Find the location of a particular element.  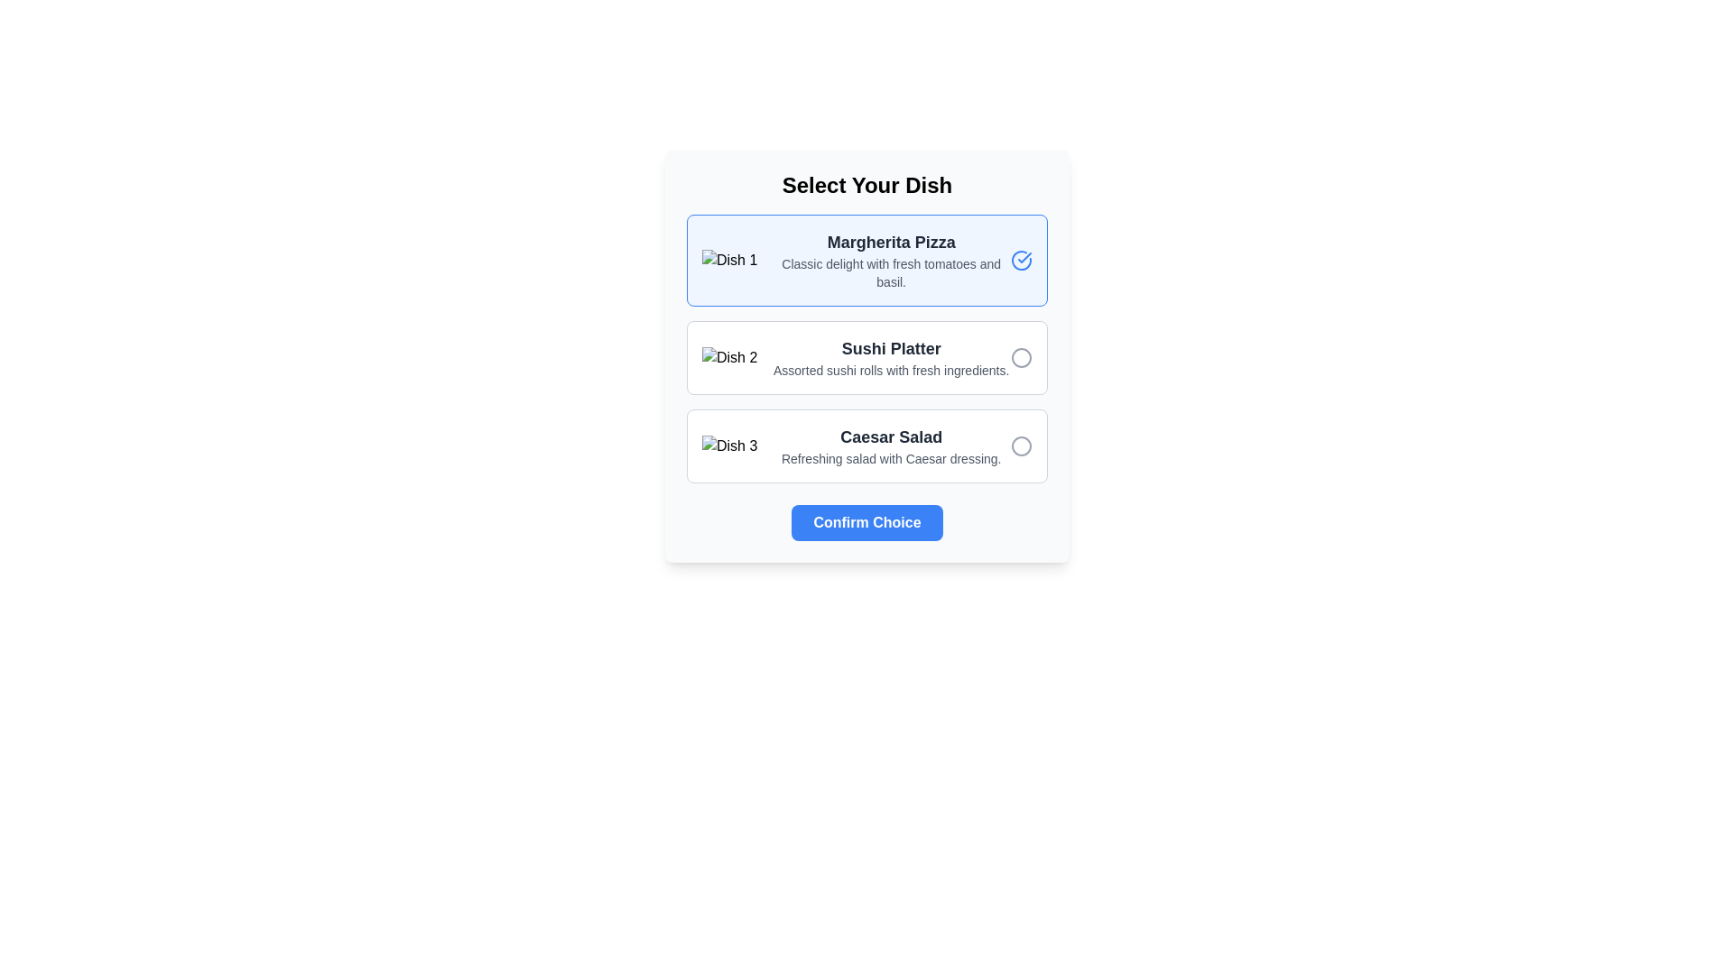

the circle graphical element that indicates the selection status of the 'Caesar Salad' option, positioned to the right of the text is located at coordinates (1022, 446).